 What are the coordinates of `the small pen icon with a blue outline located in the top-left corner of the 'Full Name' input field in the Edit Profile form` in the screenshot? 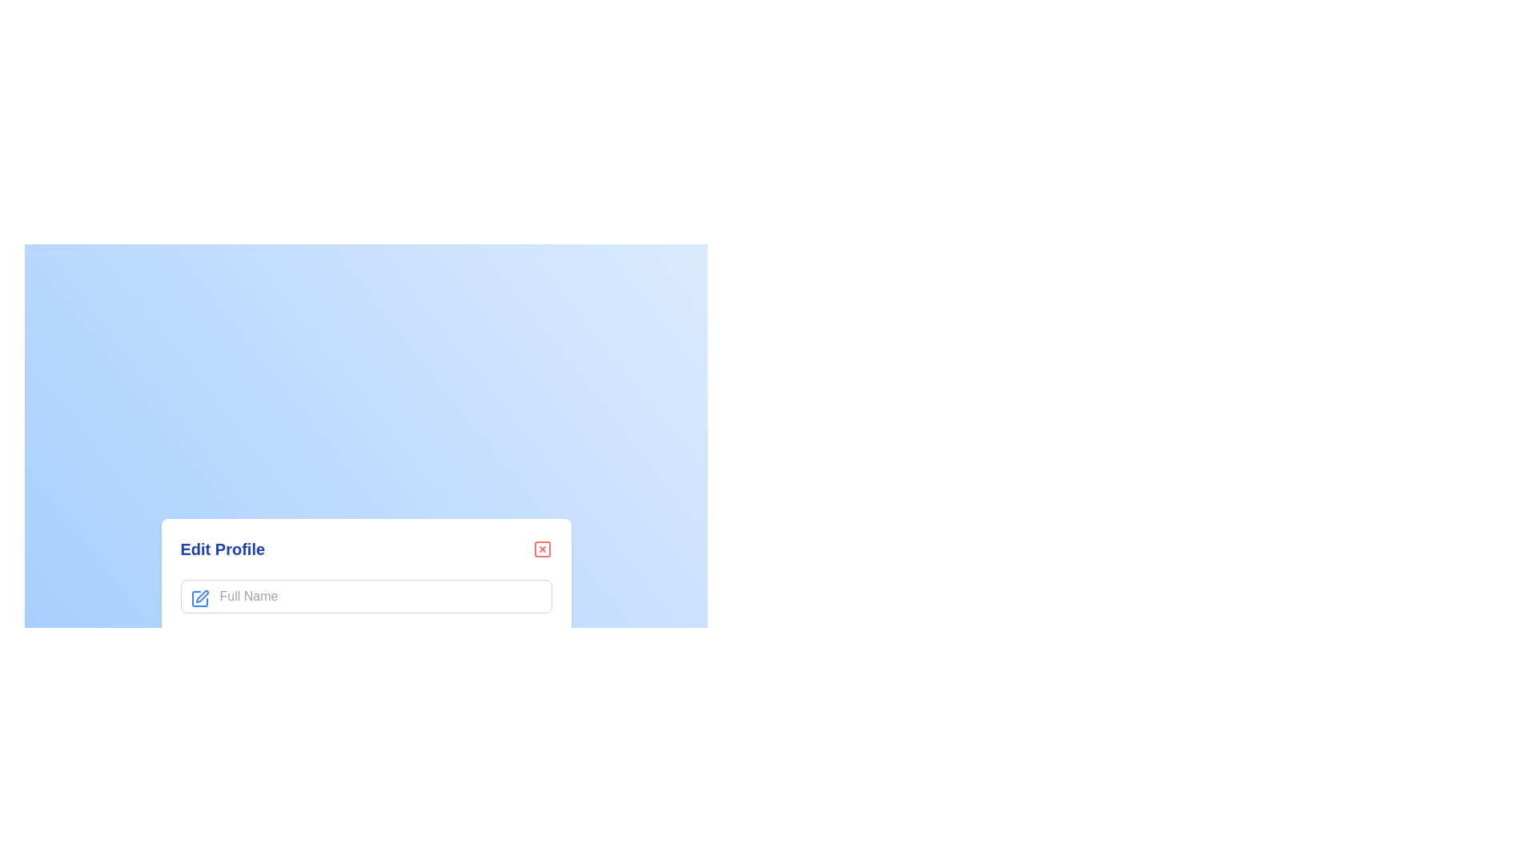 It's located at (201, 596).